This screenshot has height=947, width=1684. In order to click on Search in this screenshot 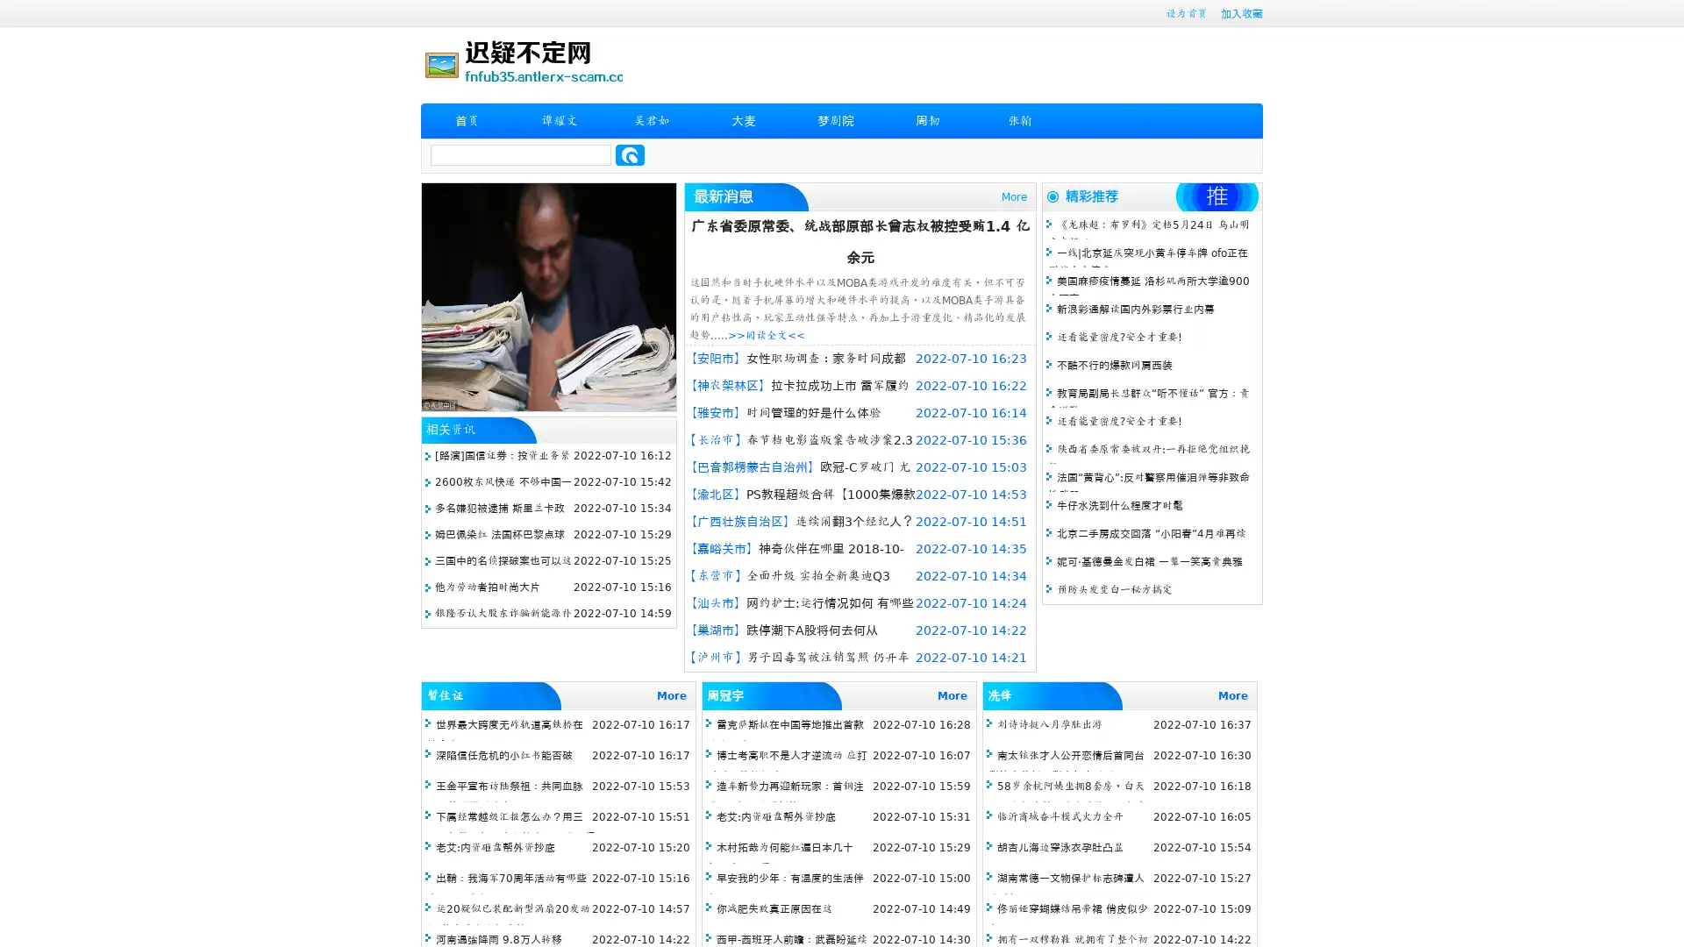, I will do `click(630, 154)`.